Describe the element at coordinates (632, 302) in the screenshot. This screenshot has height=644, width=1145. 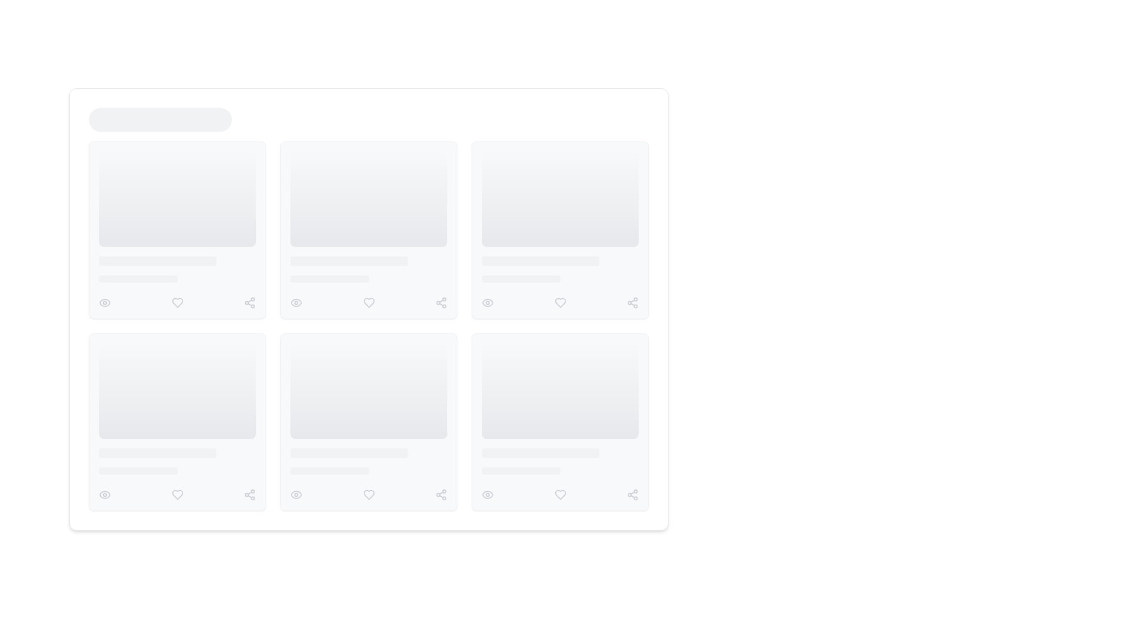
I see `the 'share' icon button located on the rightmost side of the toolbar, following the view and favorite icons` at that location.